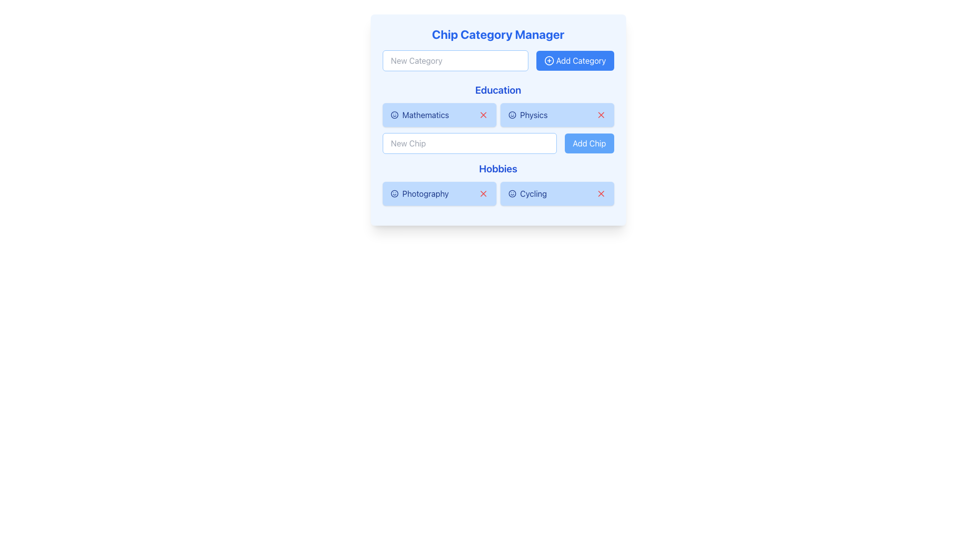 Image resolution: width=958 pixels, height=538 pixels. Describe the element at coordinates (483, 115) in the screenshot. I see `the diagonal cross (X) shaped icon located in the 'Education' section` at that location.